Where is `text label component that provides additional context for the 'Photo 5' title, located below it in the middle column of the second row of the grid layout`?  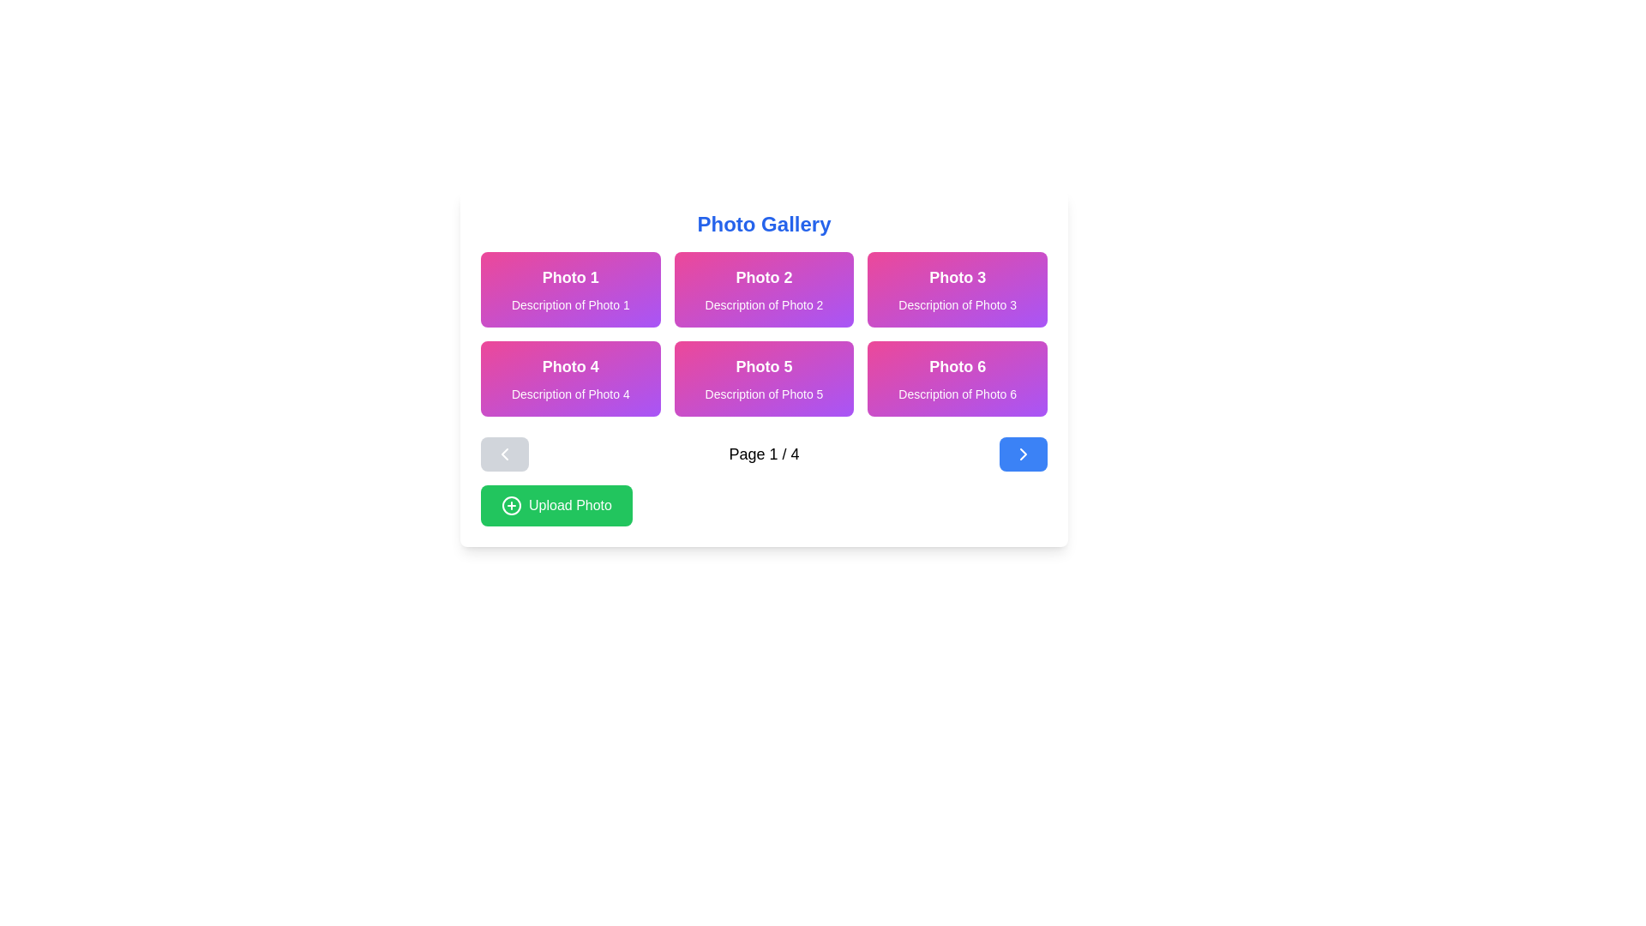 text label component that provides additional context for the 'Photo 5' title, located below it in the middle column of the second row of the grid layout is located at coordinates (763, 394).